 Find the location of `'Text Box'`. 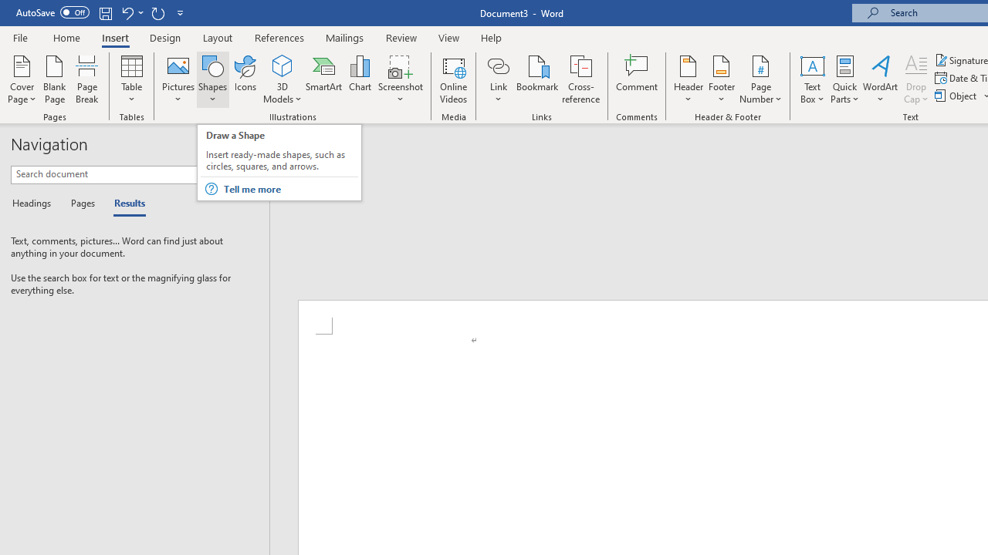

'Text Box' is located at coordinates (811, 79).